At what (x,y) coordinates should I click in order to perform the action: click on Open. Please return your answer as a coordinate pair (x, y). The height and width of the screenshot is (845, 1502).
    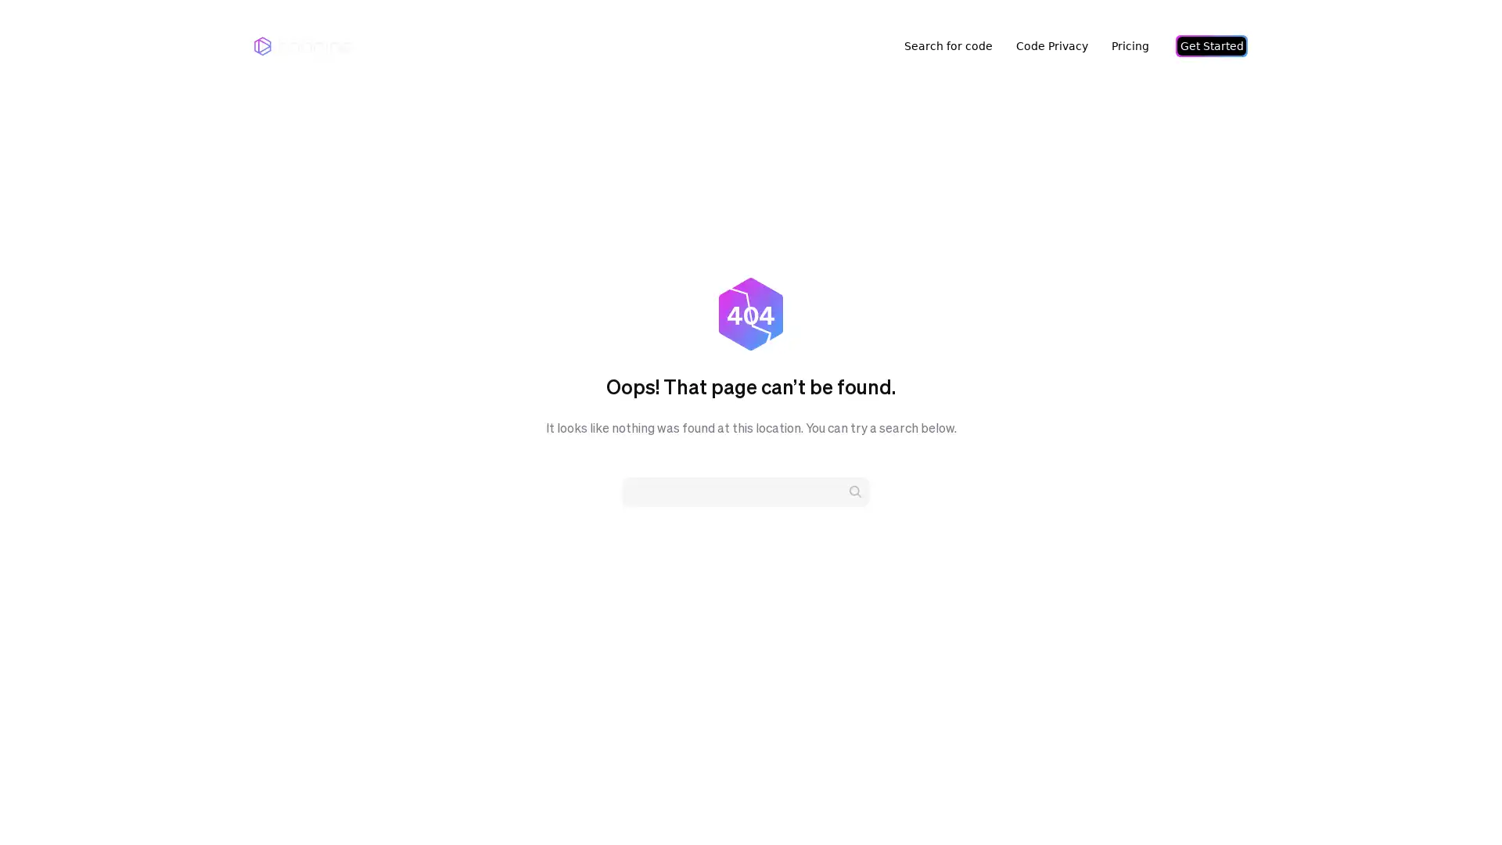
    Looking at the image, I should click on (1455, 803).